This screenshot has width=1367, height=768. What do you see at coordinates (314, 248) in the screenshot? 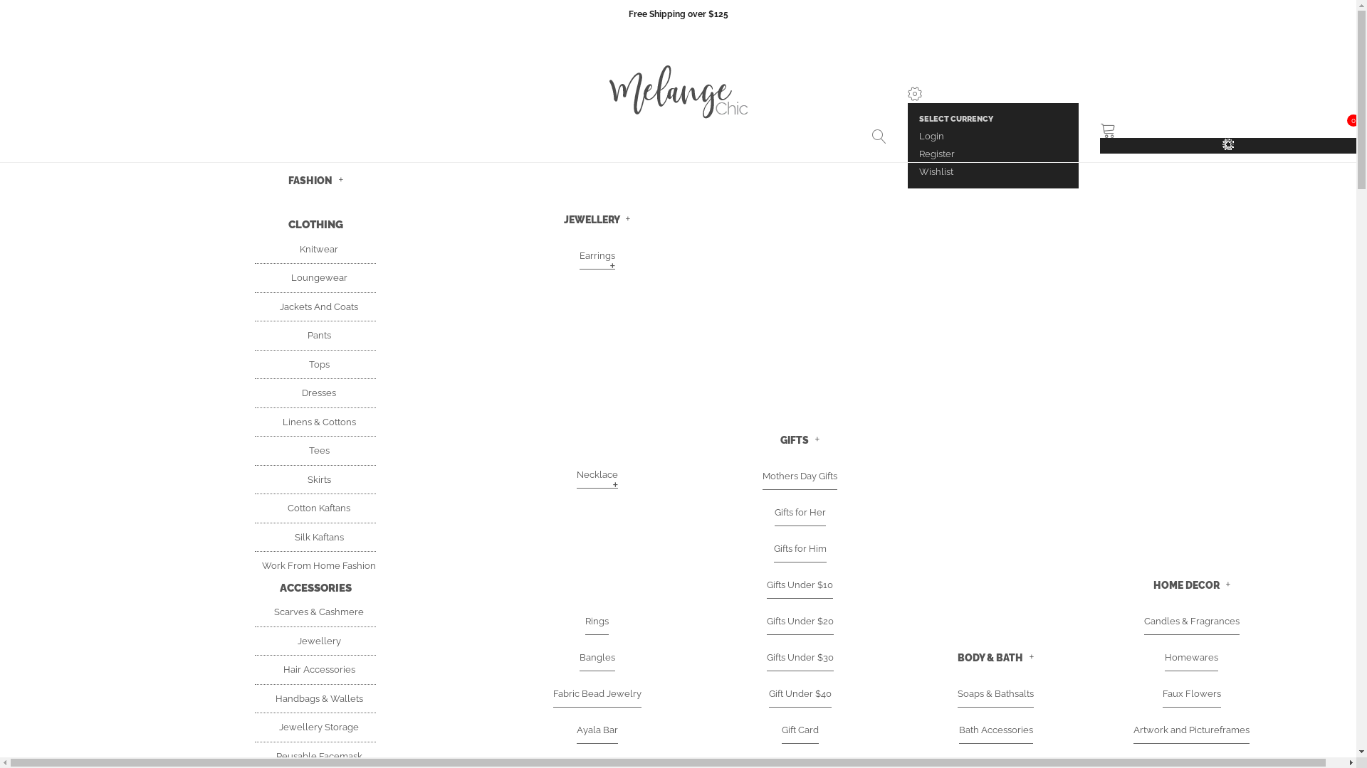
I see `'Knitwear'` at bounding box center [314, 248].